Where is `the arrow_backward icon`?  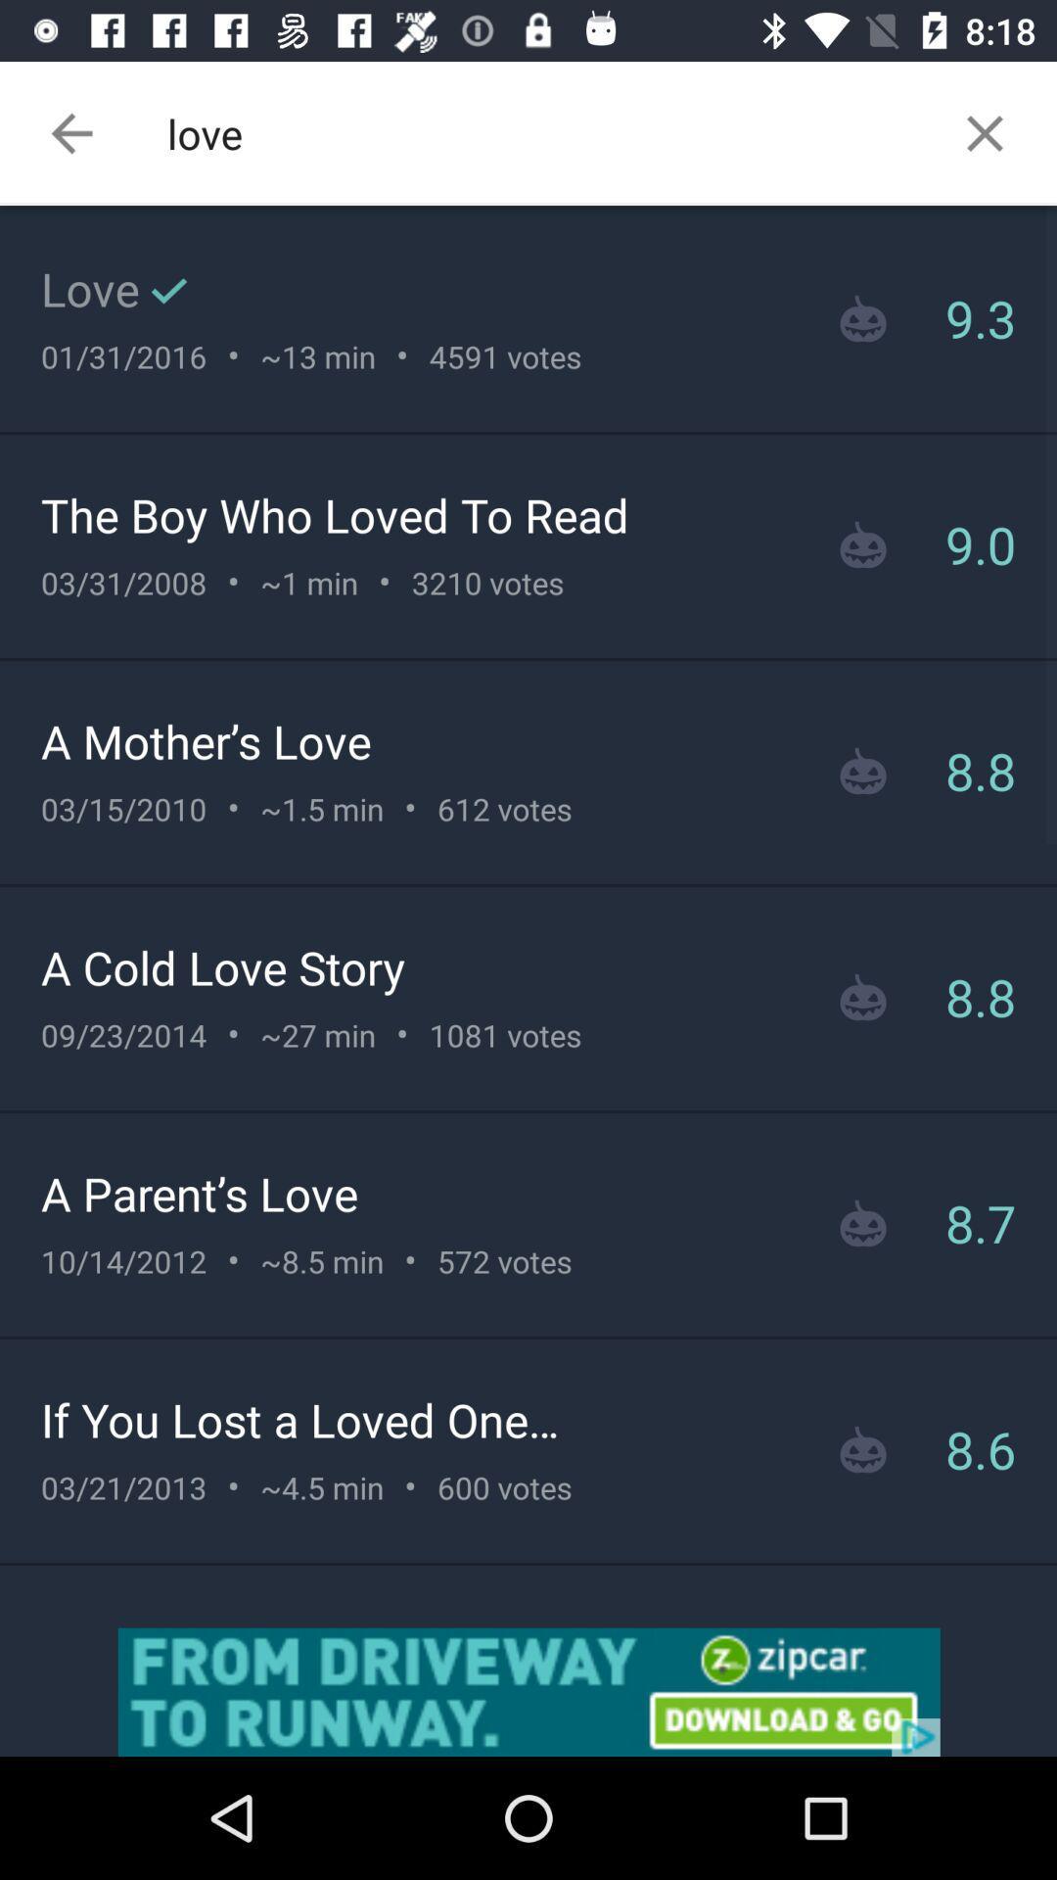
the arrow_backward icon is located at coordinates (70, 132).